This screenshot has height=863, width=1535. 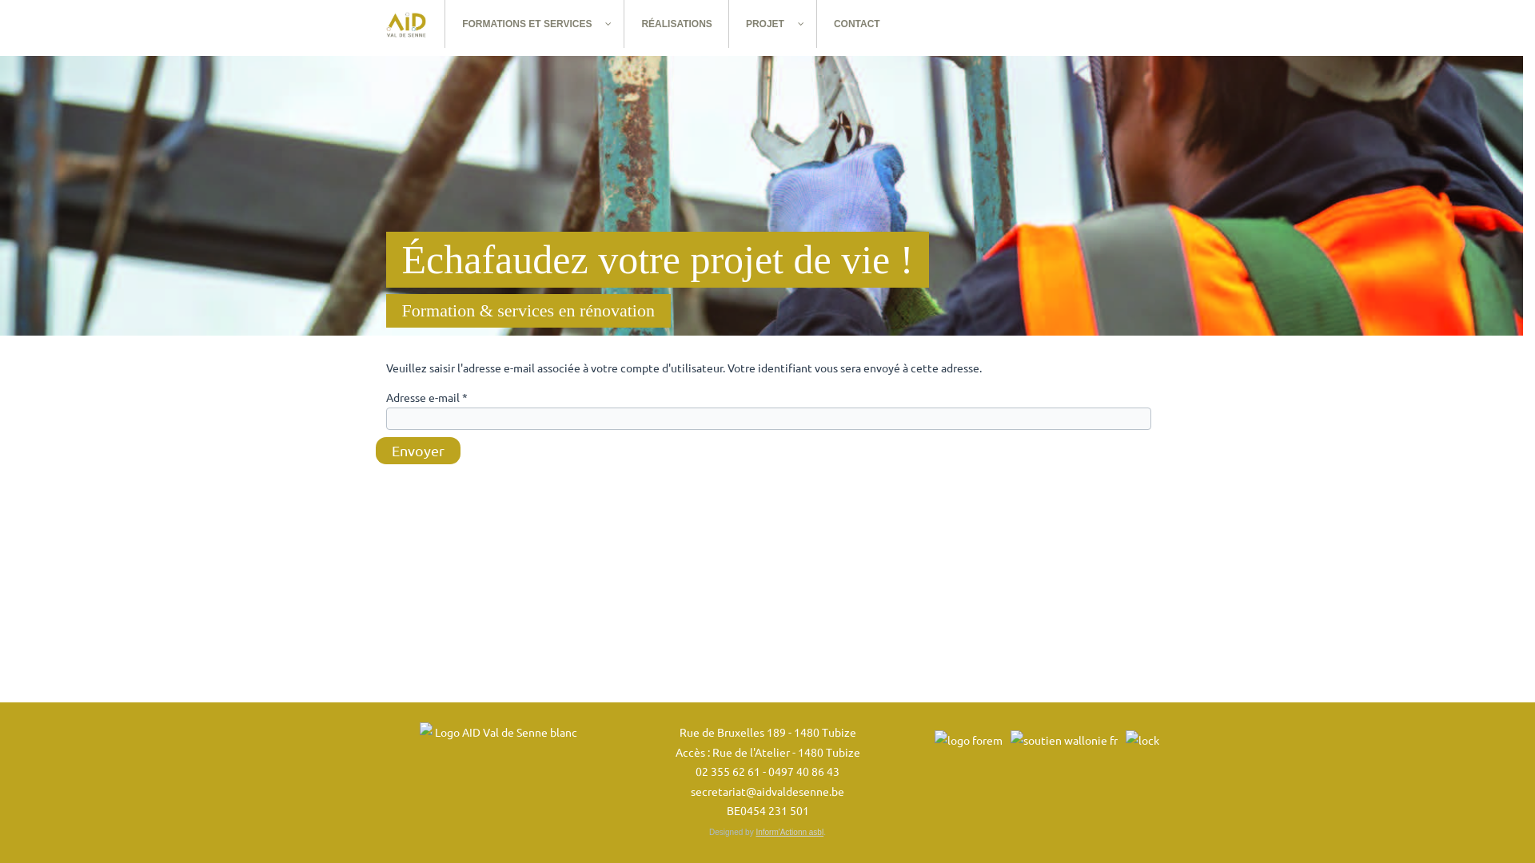 What do you see at coordinates (789, 831) in the screenshot?
I see `'Inform'Actionn asbl'` at bounding box center [789, 831].